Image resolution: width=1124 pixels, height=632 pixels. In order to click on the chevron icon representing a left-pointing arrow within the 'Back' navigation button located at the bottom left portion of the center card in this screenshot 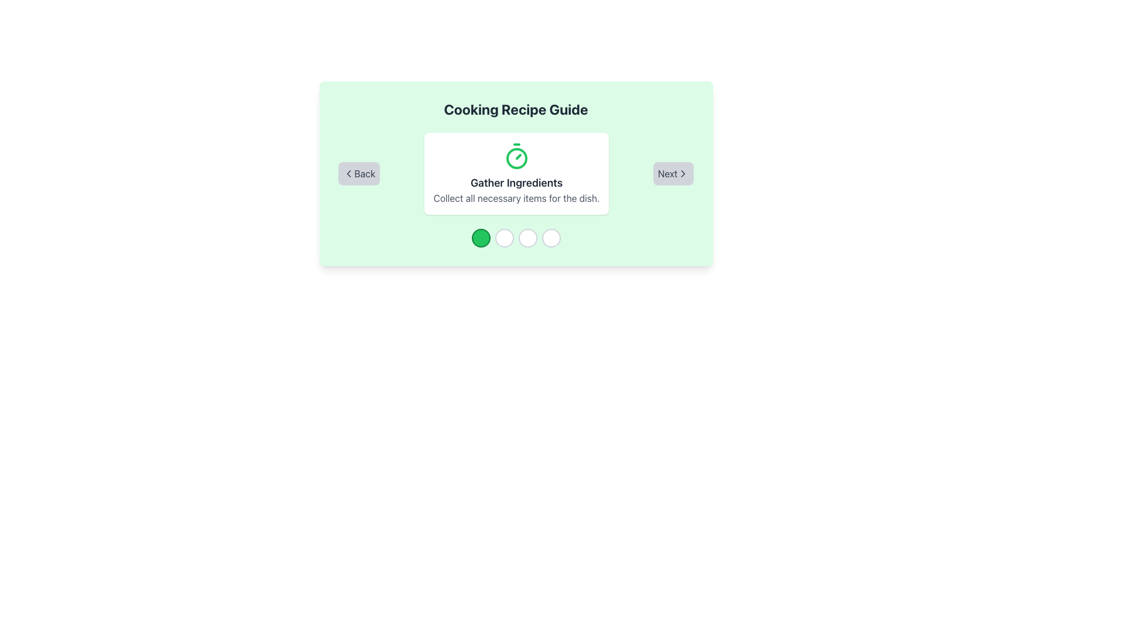, I will do `click(348, 174)`.